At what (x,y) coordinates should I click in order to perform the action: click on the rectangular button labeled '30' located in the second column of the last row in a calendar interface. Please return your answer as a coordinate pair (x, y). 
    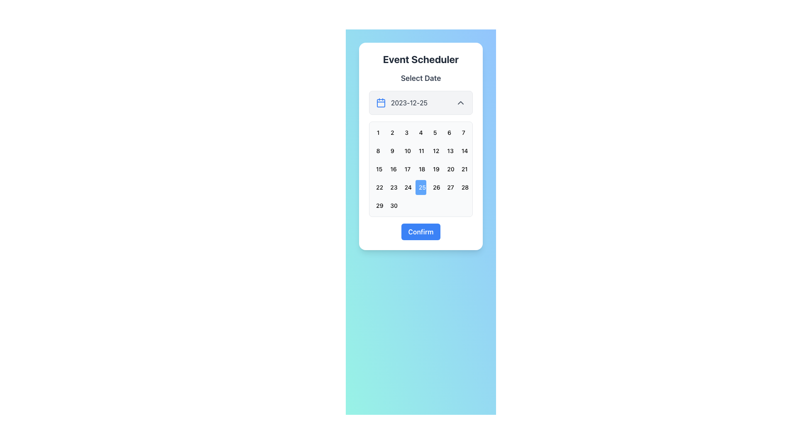
    Looking at the image, I should click on (392, 205).